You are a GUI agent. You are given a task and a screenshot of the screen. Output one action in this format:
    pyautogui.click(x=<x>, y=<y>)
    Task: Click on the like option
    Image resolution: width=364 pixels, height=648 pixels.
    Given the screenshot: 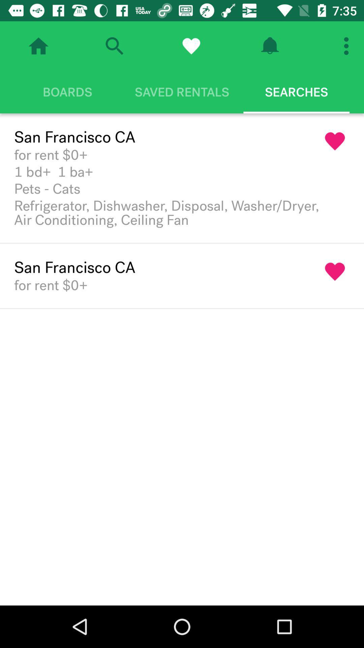 What is the action you would take?
    pyautogui.click(x=191, y=46)
    